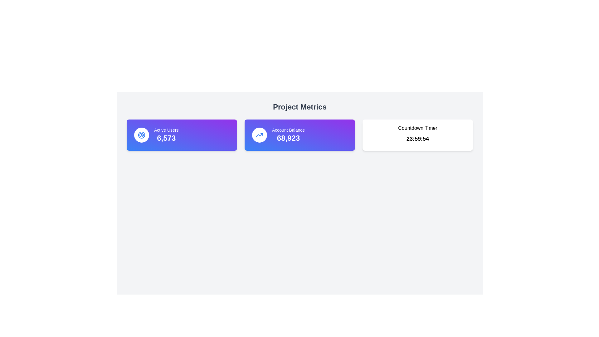 The image size is (599, 337). Describe the element at coordinates (259, 134) in the screenshot. I see `the icon representing account balance trends, located in the top-left corner of the second card under the 'Project Metrics' section` at that location.